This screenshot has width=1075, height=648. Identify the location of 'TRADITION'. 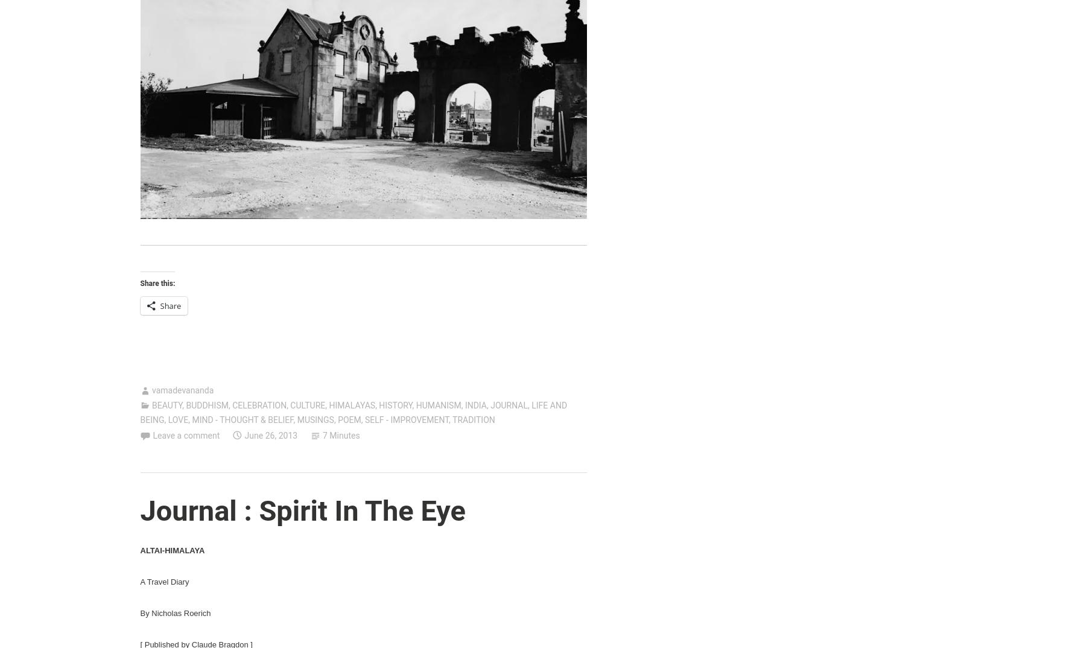
(473, 419).